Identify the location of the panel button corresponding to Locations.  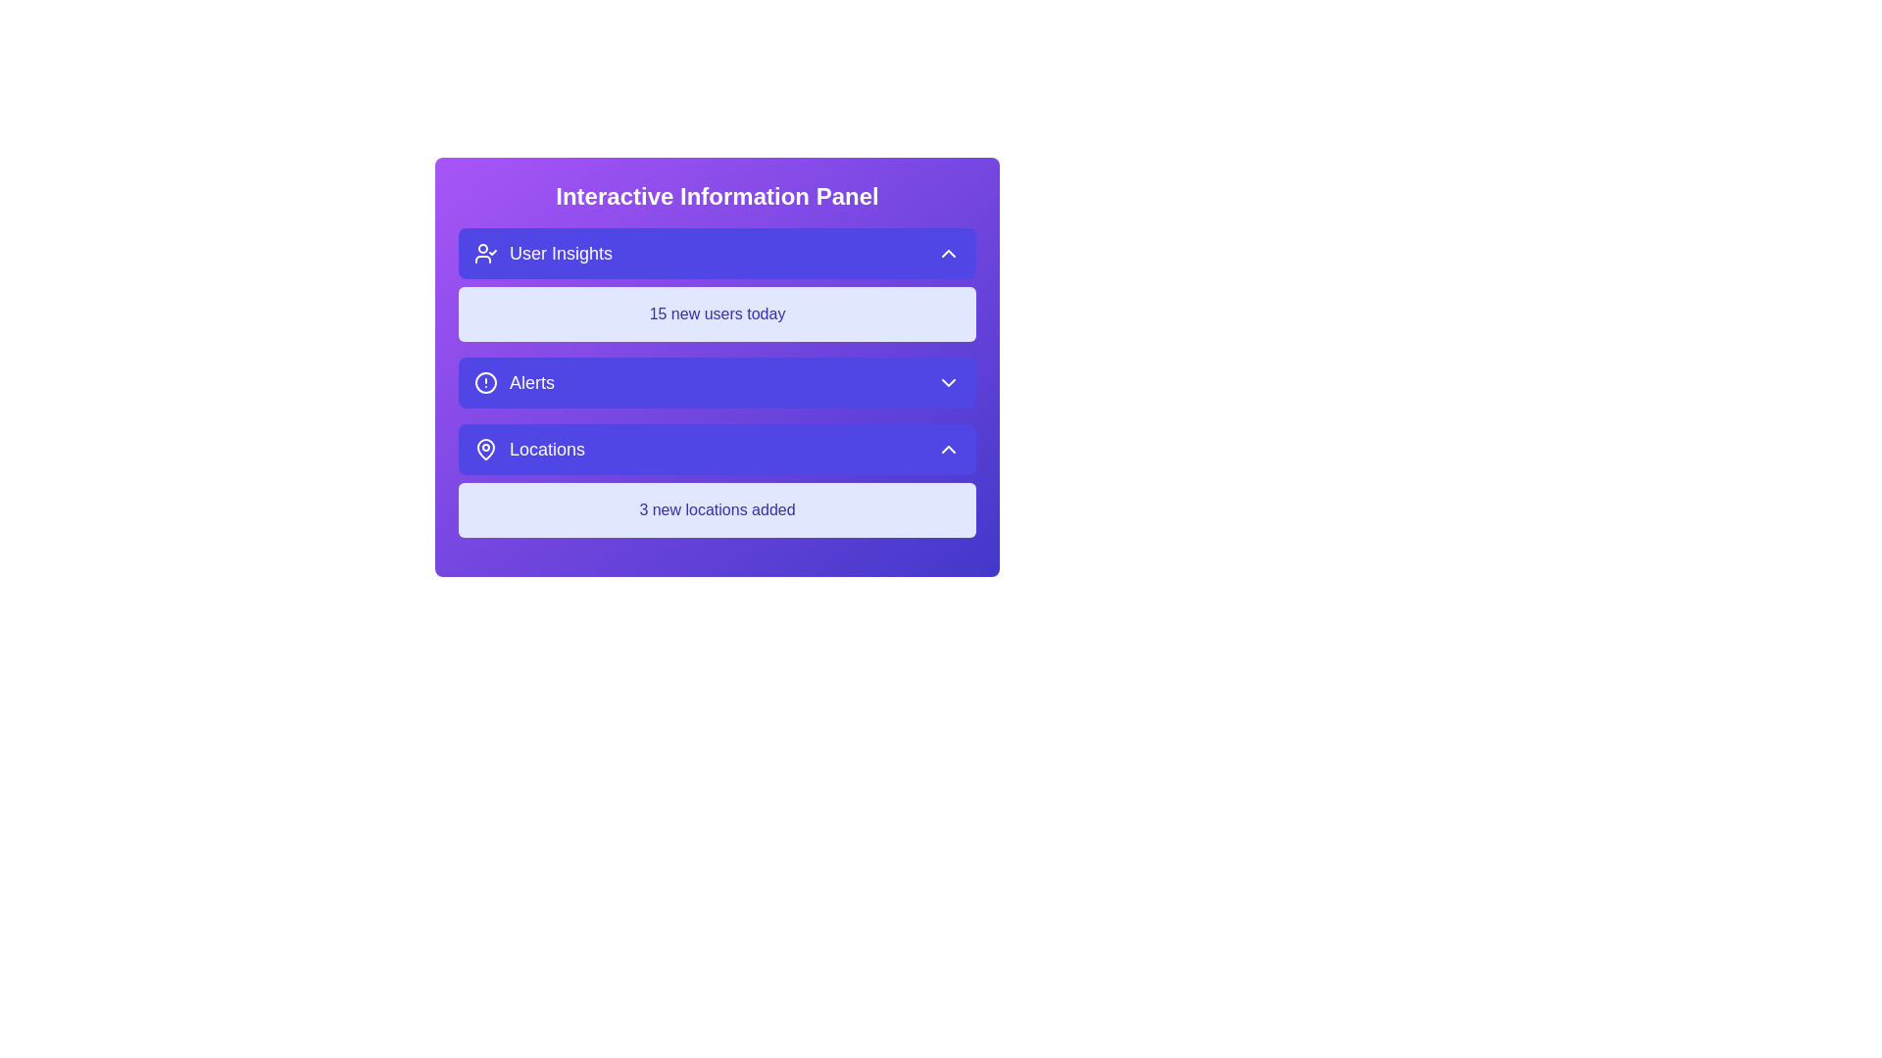
(716, 450).